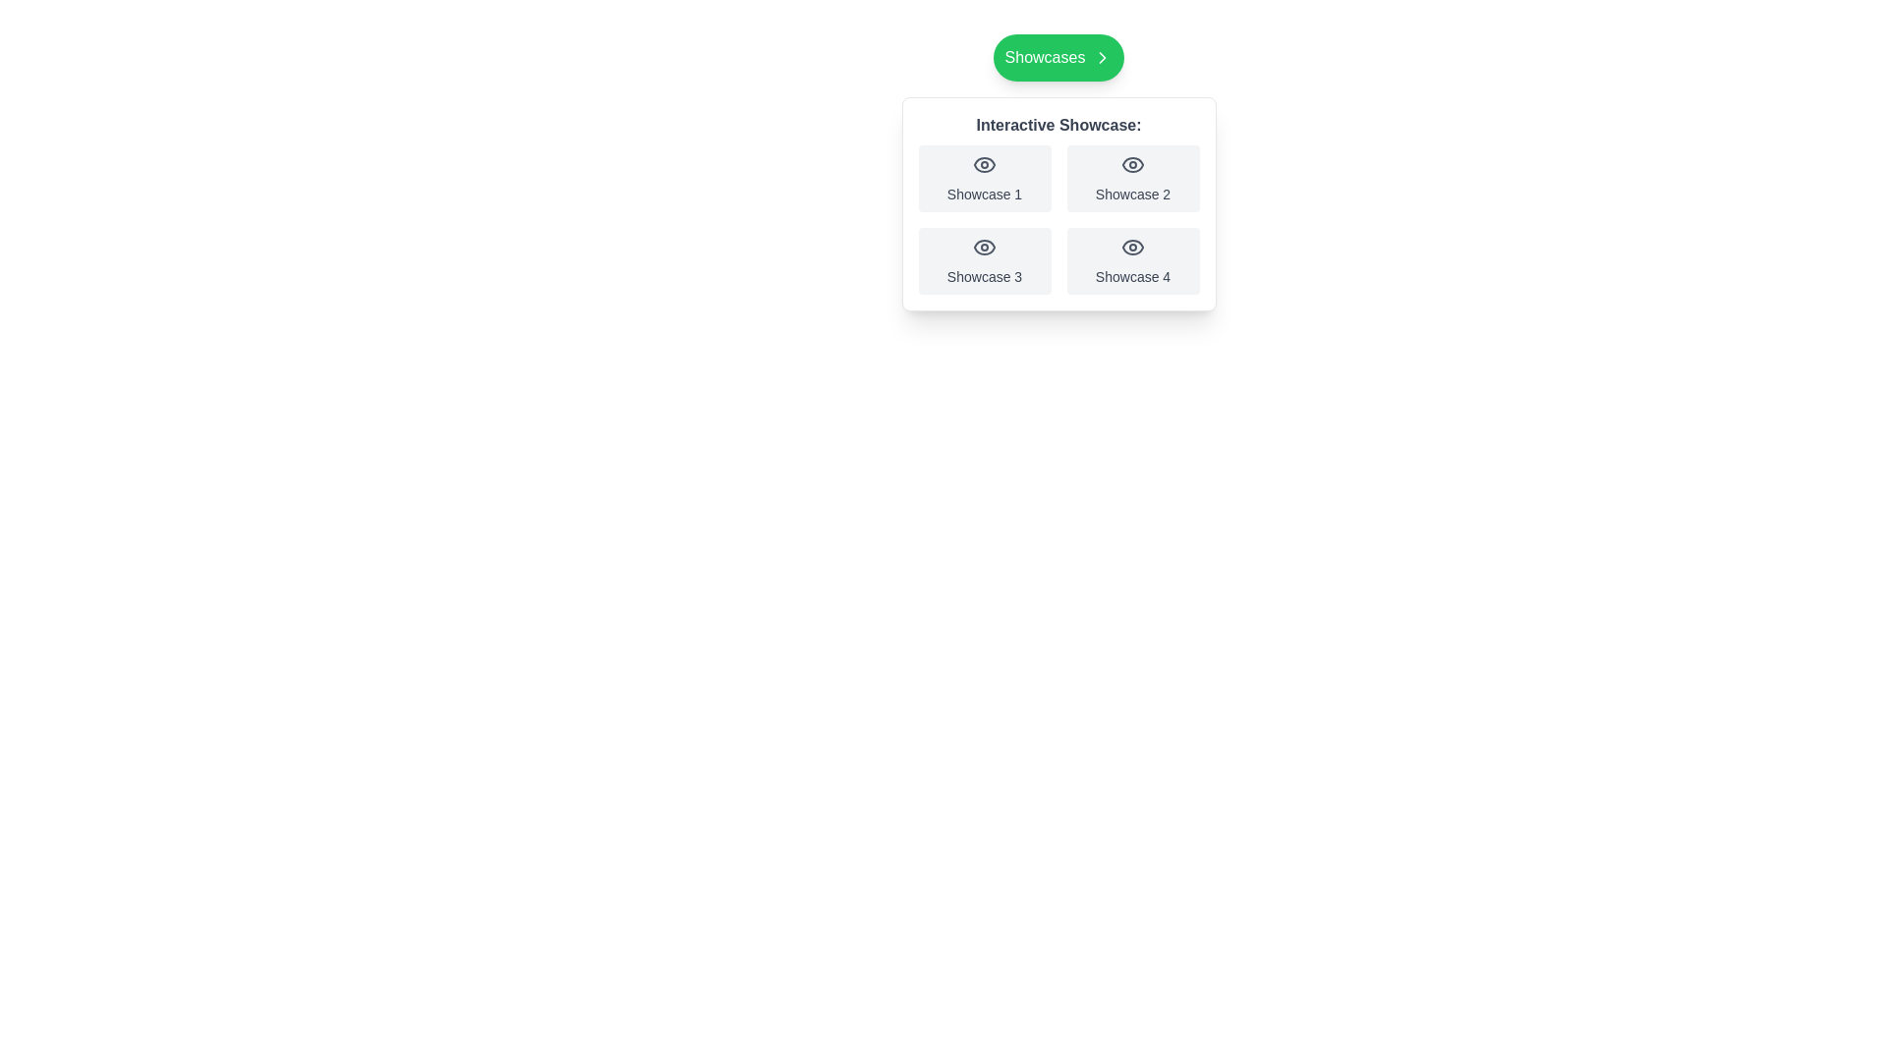 The height and width of the screenshot is (1061, 1887). Describe the element at coordinates (1132, 260) in the screenshot. I see `the 'Showcase 4' card, which is a rectangular card with an eye icon at the top` at that location.